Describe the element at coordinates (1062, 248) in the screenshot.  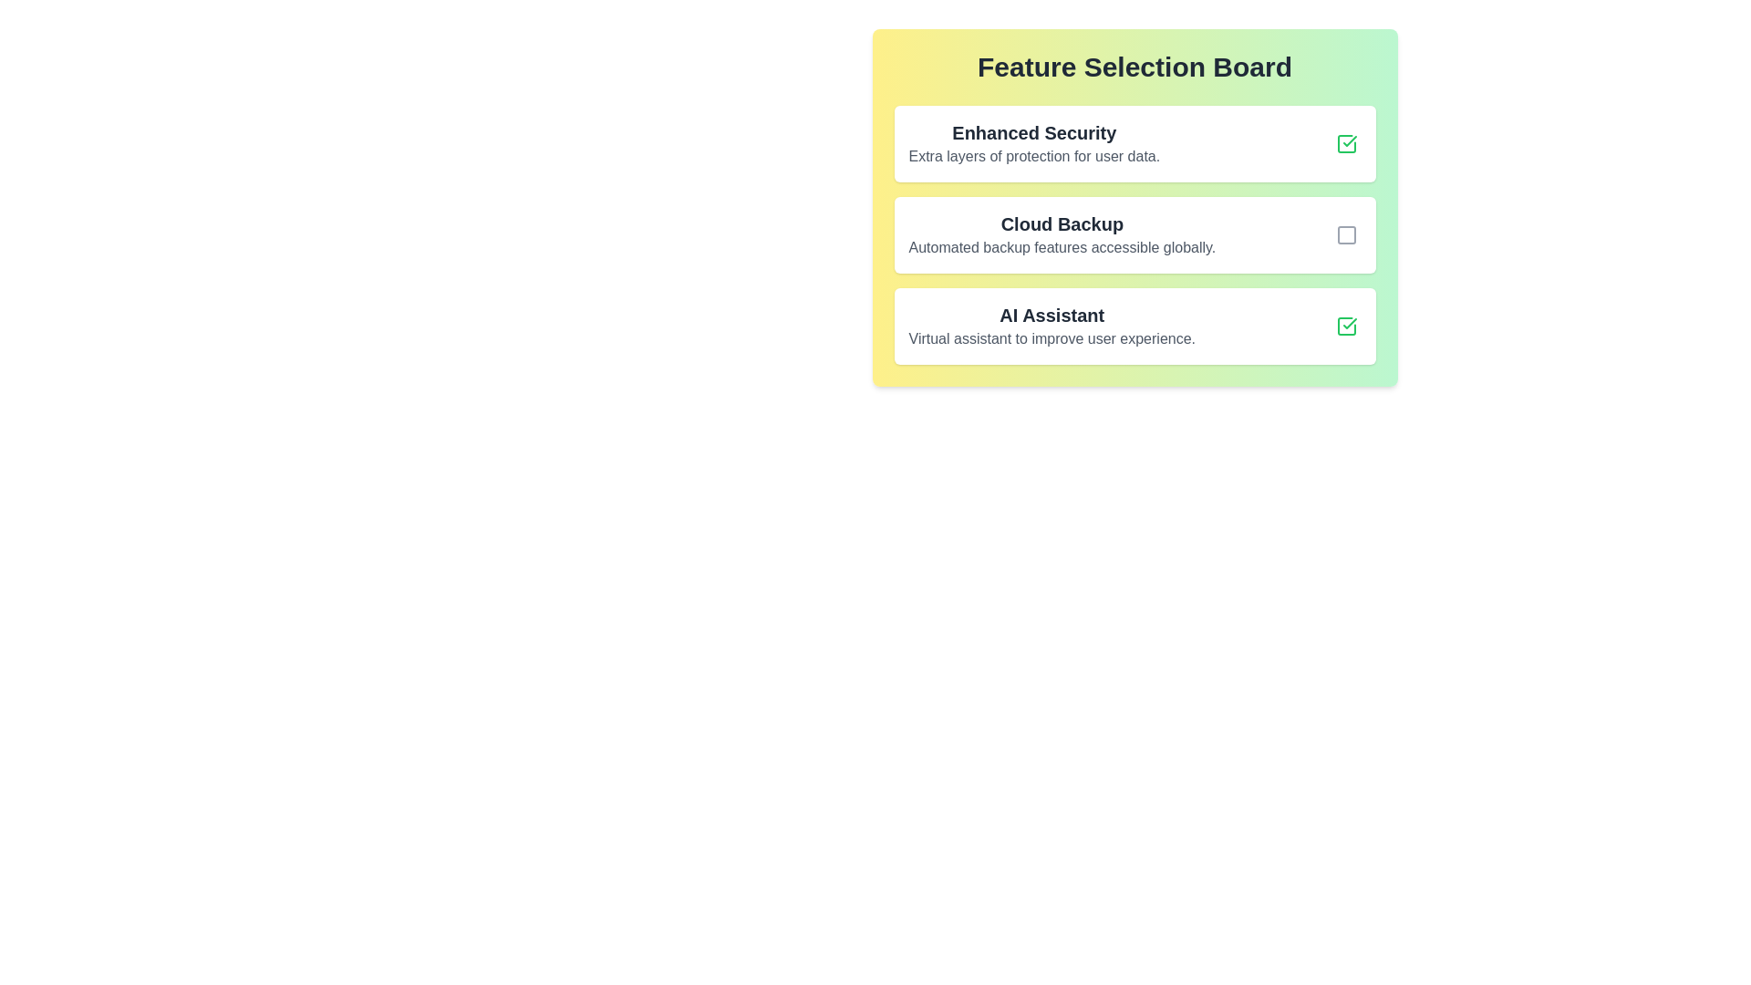
I see `the text label displaying 'Automated backup features accessible globally.' which is styled with a gray font and positioned under the 'Cloud Backup' header` at that location.